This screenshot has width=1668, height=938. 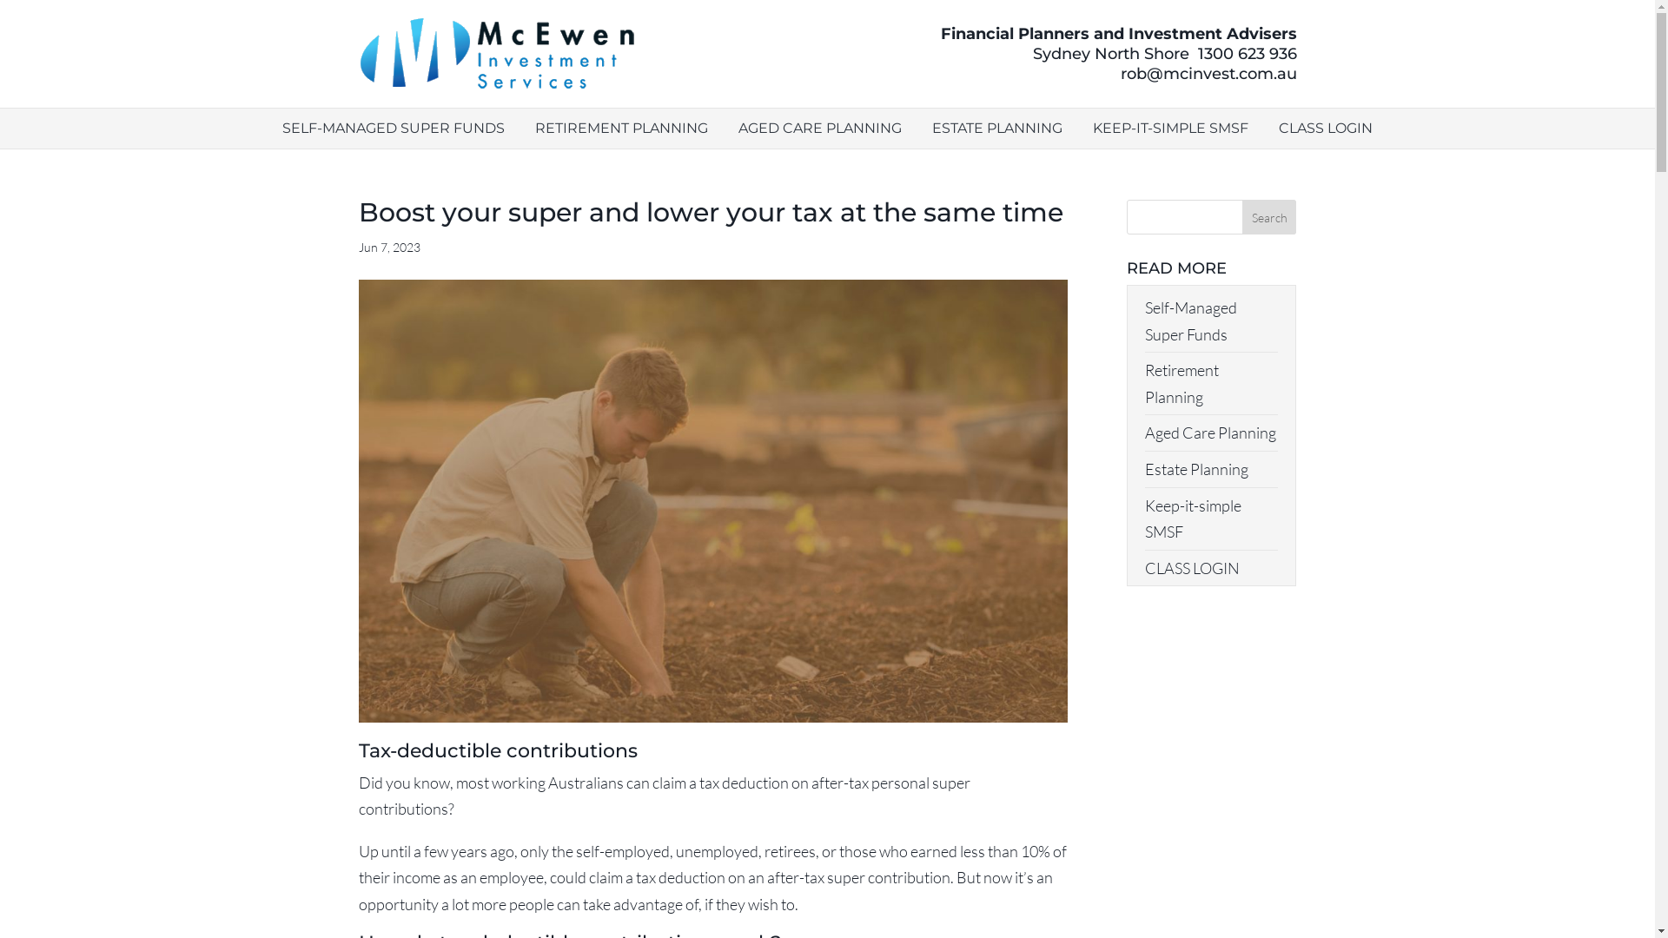 I want to click on 'KEEP-IT-SIMPLE SMSF', so click(x=1170, y=127).